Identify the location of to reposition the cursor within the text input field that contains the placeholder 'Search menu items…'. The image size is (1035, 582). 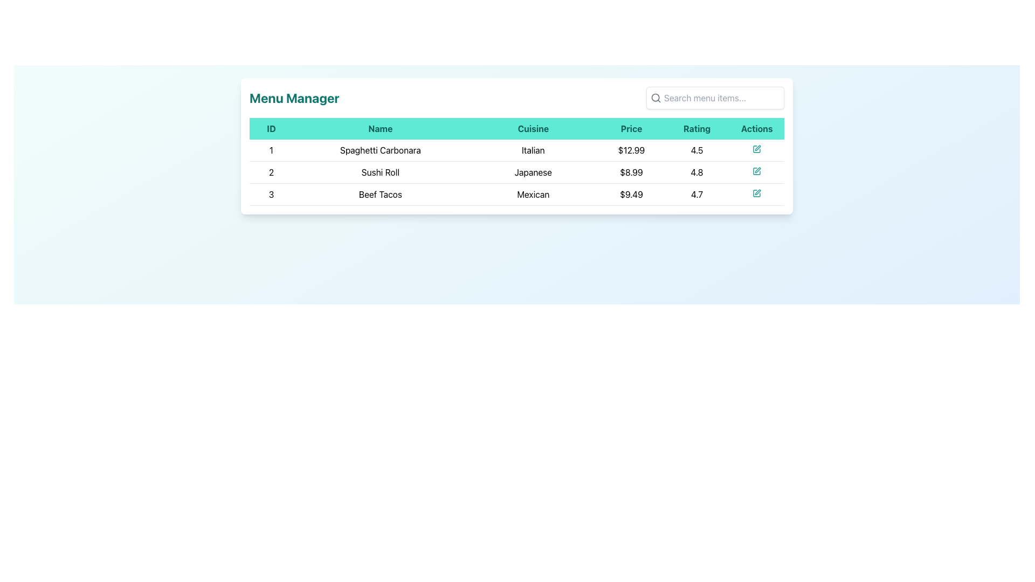
(715, 98).